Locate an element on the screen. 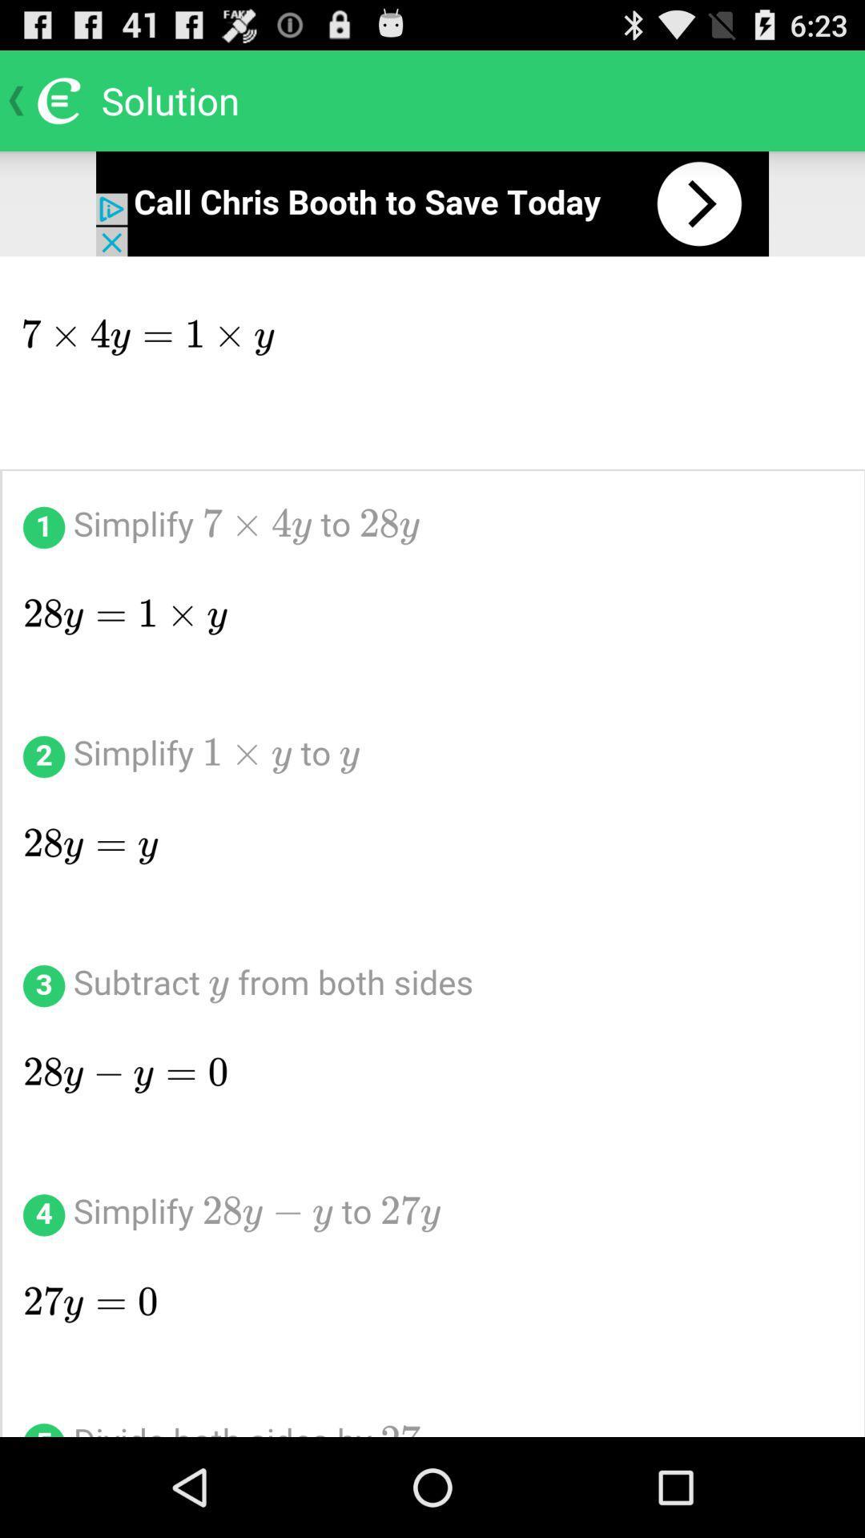 This screenshot has height=1538, width=865. show math equations is located at coordinates (432, 846).